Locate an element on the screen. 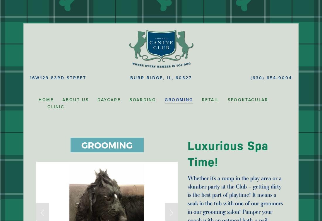 This screenshot has width=322, height=221. 'Home' is located at coordinates (39, 100).